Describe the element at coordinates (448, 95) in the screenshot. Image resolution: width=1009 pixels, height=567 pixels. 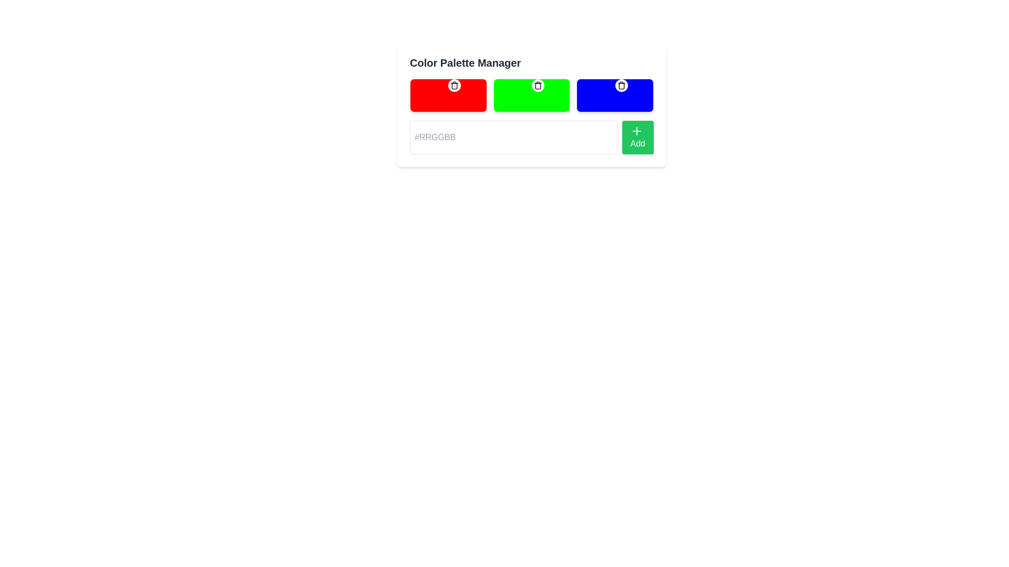
I see `the red color selection block with an embedded delete button for reordering in the Color Palette Manager` at that location.